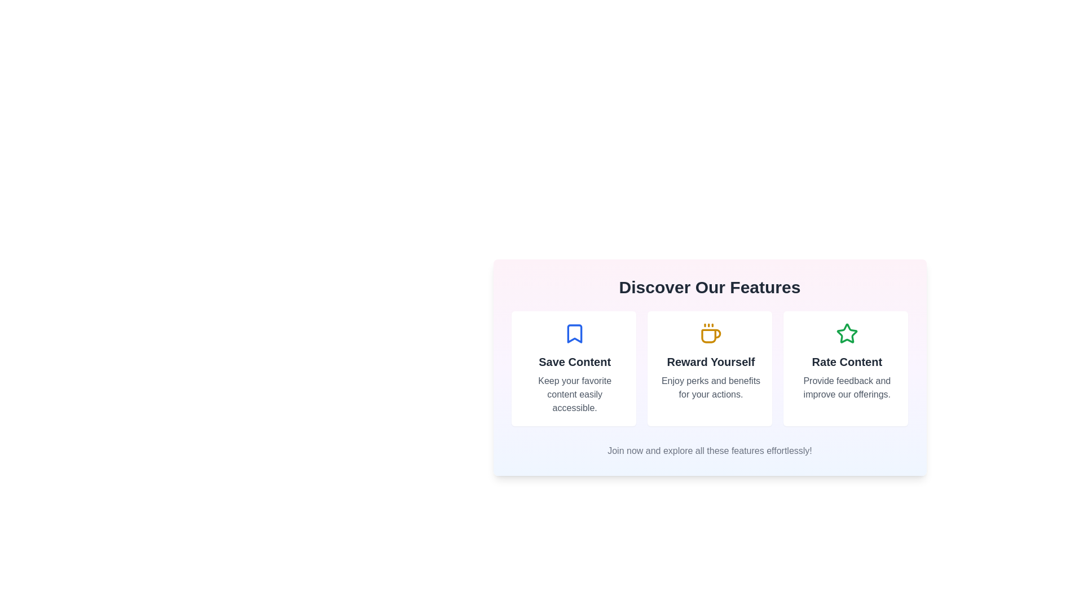 The width and height of the screenshot is (1083, 609). What do you see at coordinates (710, 361) in the screenshot?
I see `the 'Reward Yourself' text label, which is a bold, large heading in dark color, positioned in the middle column of a three-column layout, with a coffee mug icon above it` at bounding box center [710, 361].